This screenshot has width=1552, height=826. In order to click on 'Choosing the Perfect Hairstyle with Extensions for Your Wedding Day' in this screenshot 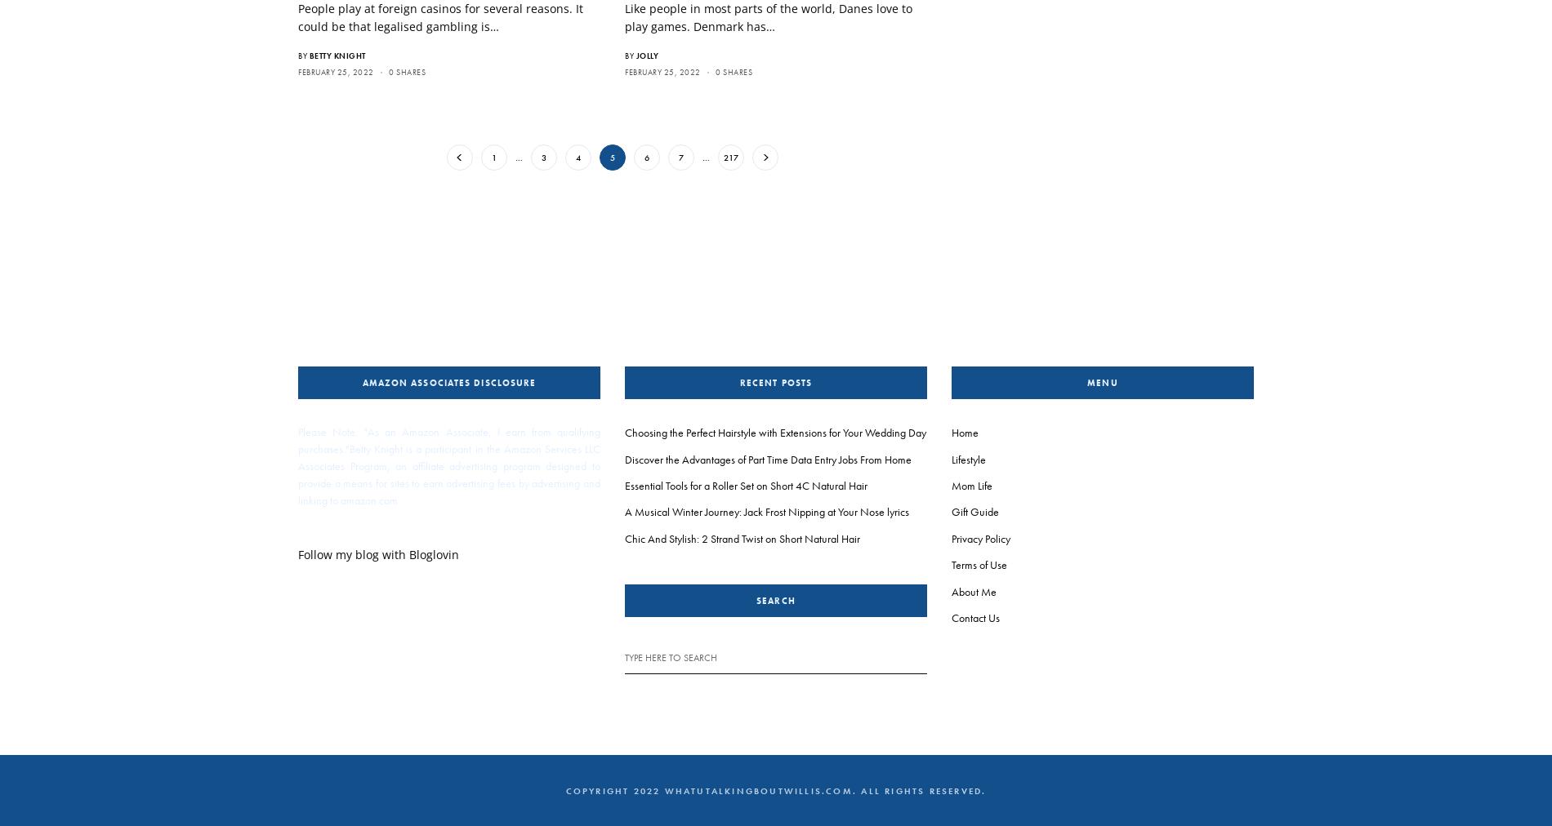, I will do `click(774, 431)`.